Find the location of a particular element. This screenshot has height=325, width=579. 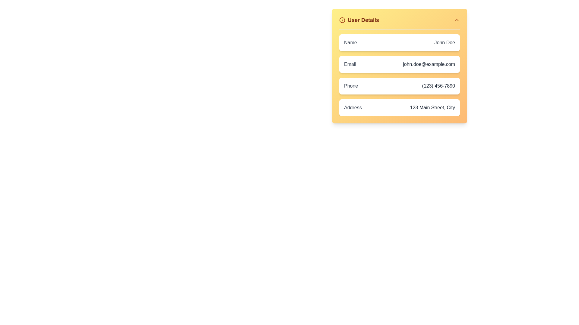

the 'Address' text label located in the bottom-left area of the 'User Details' card section is located at coordinates (353, 107).